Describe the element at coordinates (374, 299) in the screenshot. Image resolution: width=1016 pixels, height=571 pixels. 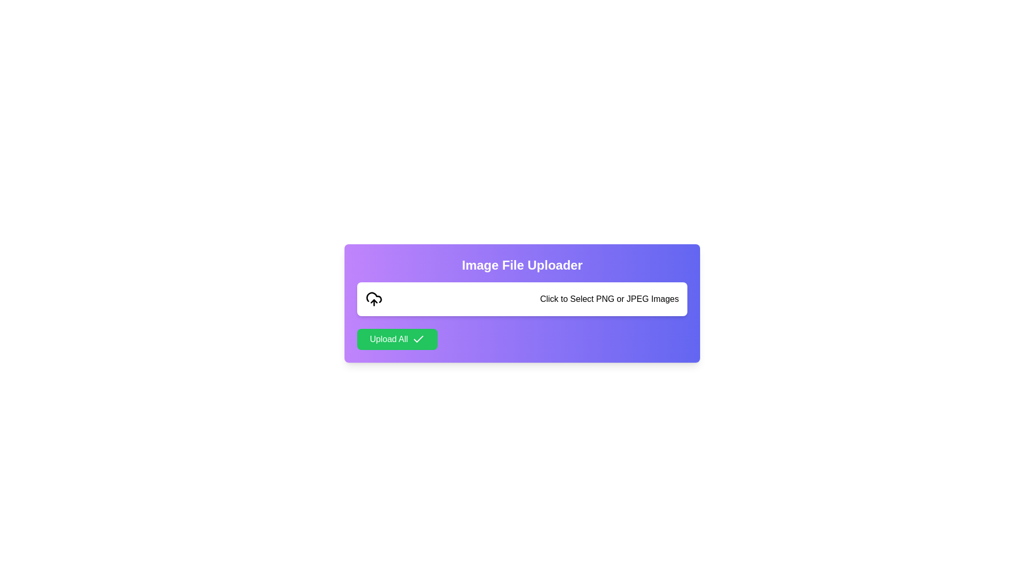
I see `the upload icon located to the far-left side of the input field labeled 'Click to Select PNG or JPEG Images', which is within a gradient purple background box` at that location.